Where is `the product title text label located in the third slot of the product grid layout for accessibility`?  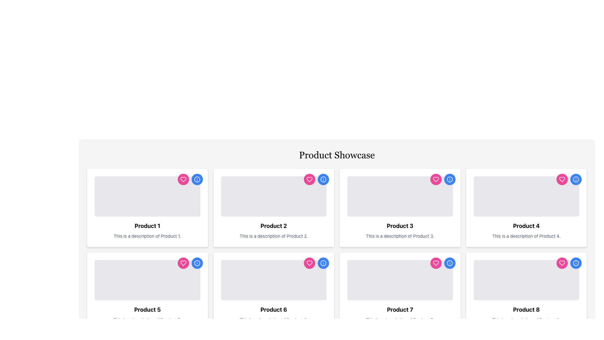
the product title text label located in the third slot of the product grid layout for accessibility is located at coordinates (400, 225).